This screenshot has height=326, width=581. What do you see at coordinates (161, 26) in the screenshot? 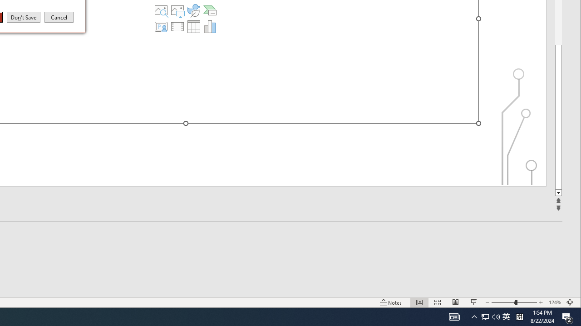
I see `'Insert Cameo'` at bounding box center [161, 26].